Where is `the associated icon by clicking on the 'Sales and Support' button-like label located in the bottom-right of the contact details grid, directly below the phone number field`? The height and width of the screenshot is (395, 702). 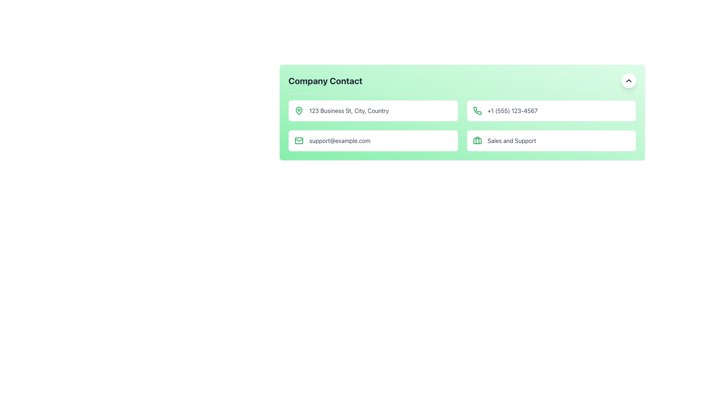
the associated icon by clicking on the 'Sales and Support' button-like label located in the bottom-right of the contact details grid, directly below the phone number field is located at coordinates (551, 141).